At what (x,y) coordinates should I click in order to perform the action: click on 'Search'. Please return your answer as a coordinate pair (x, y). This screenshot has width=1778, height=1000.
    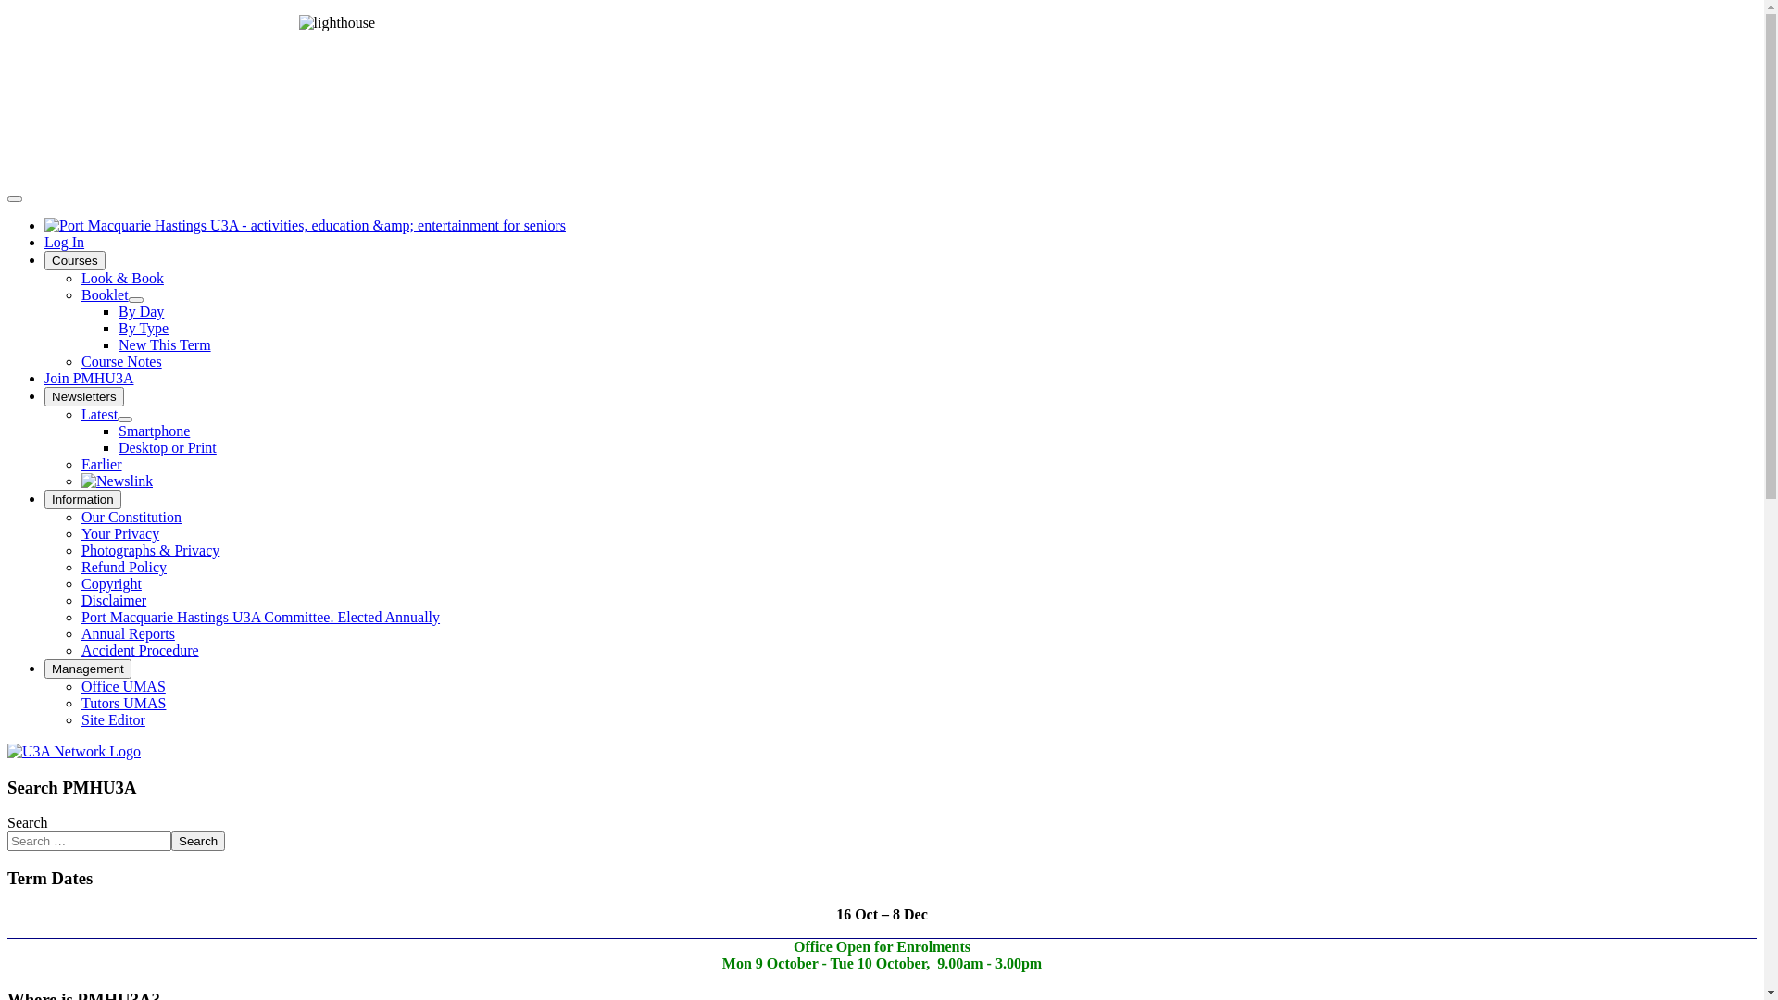
    Looking at the image, I should click on (198, 841).